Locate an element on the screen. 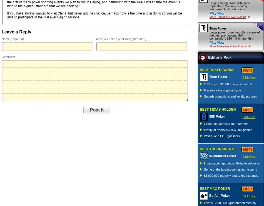 Image resolution: width=264 pixels, height=206 pixels. '888 Poker' is located at coordinates (216, 116).